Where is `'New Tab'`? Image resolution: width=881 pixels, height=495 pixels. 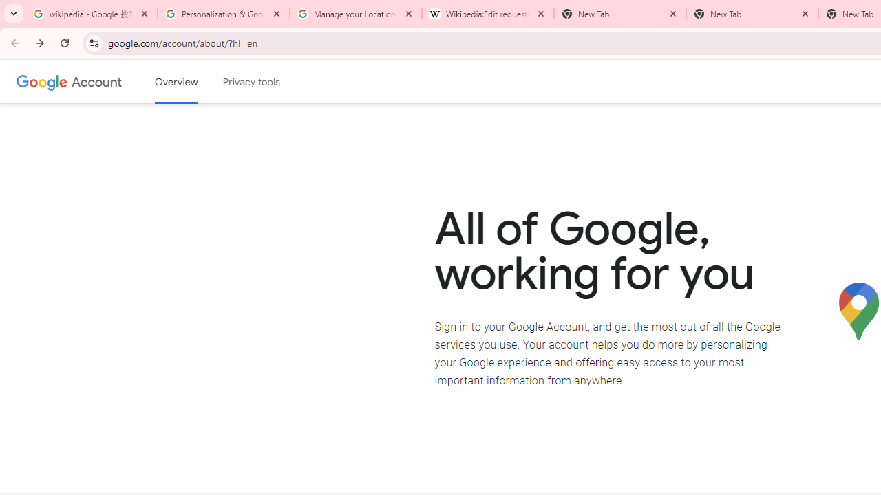
'New Tab' is located at coordinates (752, 14).